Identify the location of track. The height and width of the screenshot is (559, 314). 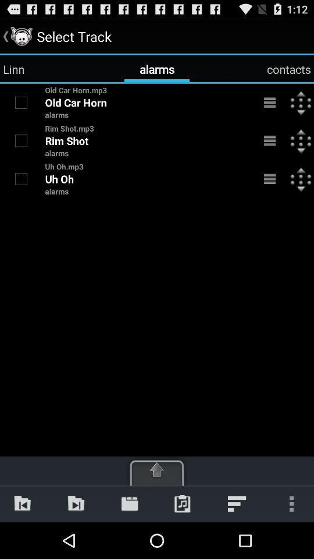
(21, 140).